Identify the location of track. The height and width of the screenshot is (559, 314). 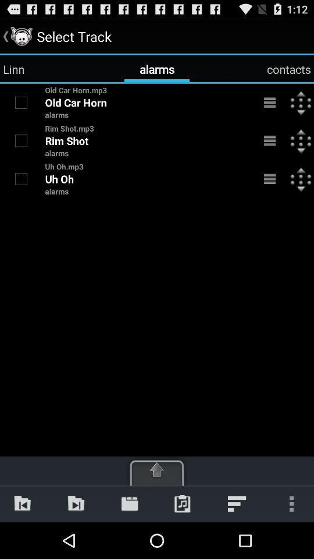
(21, 140).